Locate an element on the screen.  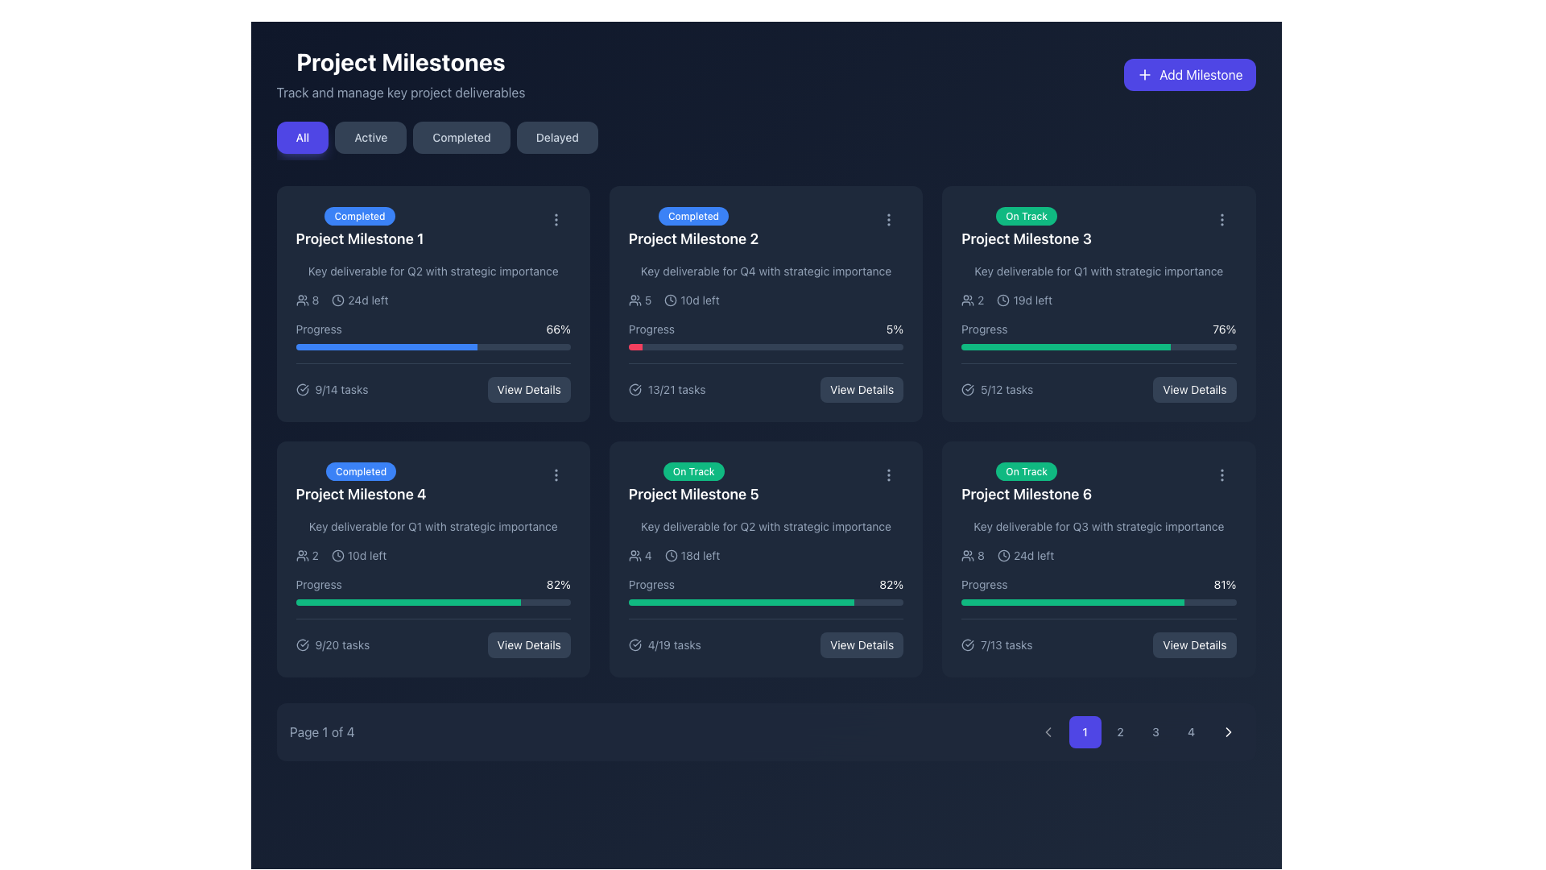
the progress bar indicating 66% completion, located beneath the 'Progress' label in the 'Project Milestone 1' card is located at coordinates (433, 346).